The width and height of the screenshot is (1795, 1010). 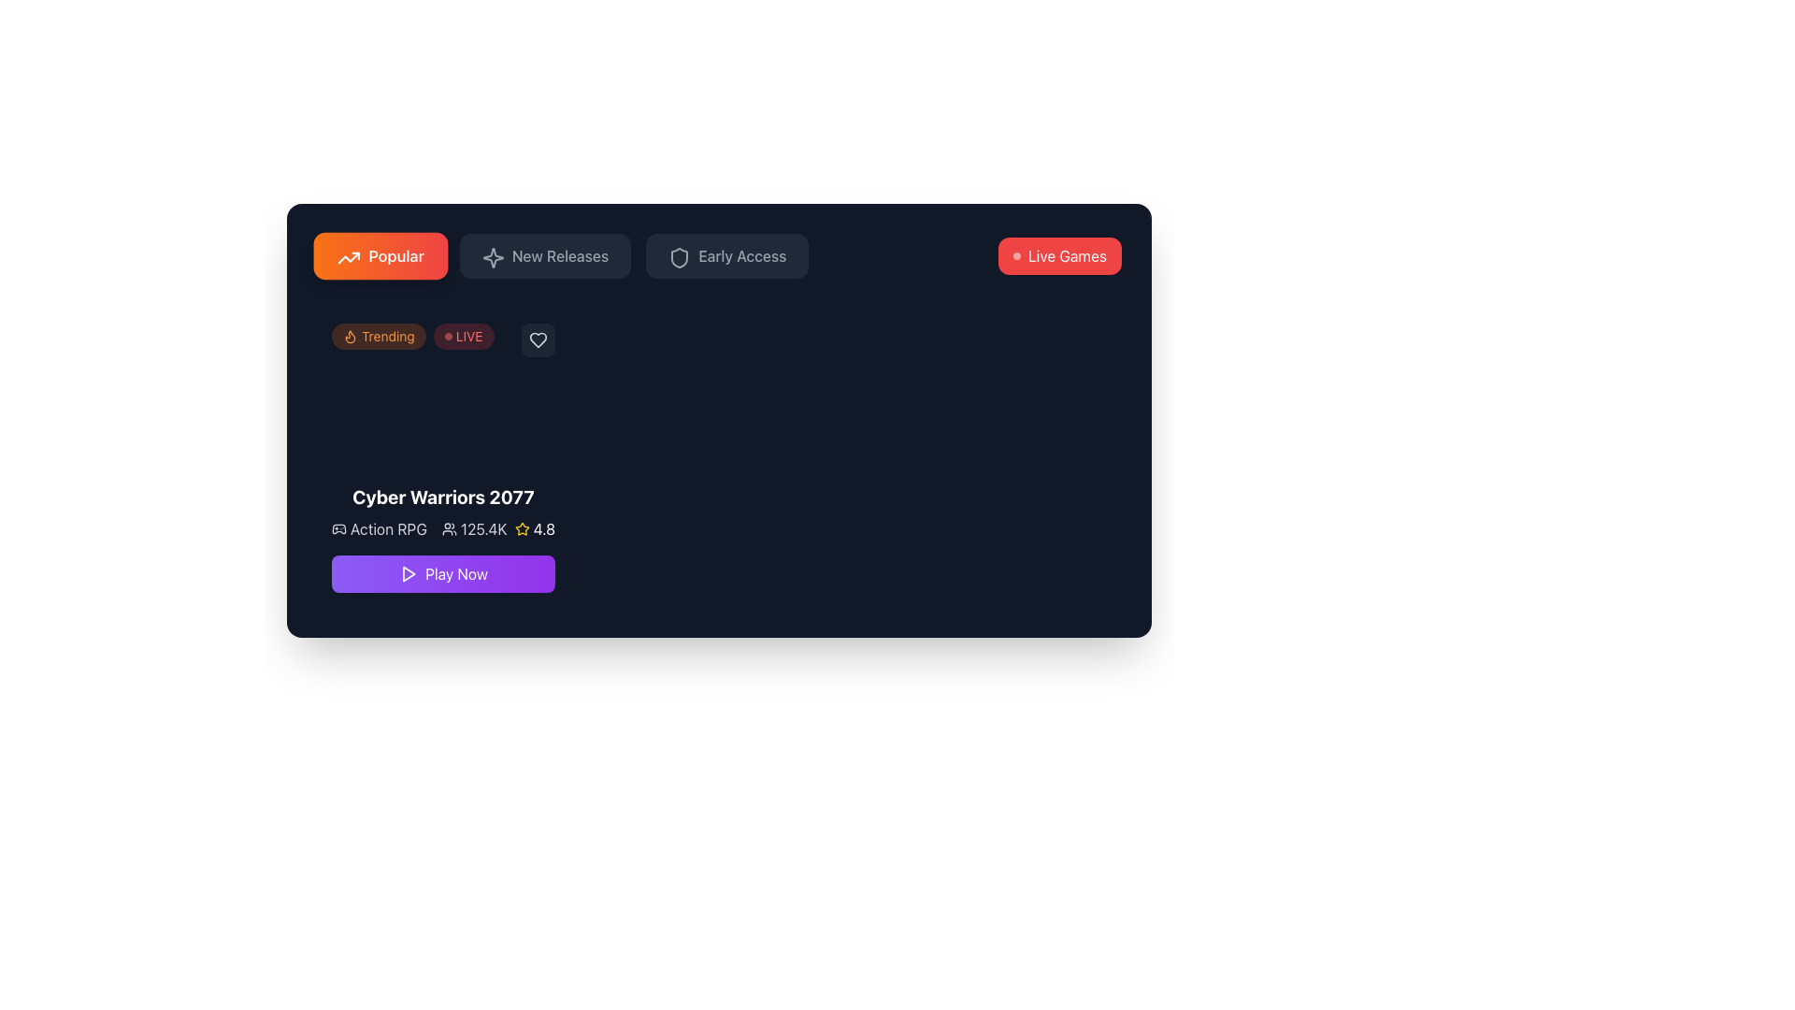 What do you see at coordinates (1059, 255) in the screenshot?
I see `the 'Live Games' button` at bounding box center [1059, 255].